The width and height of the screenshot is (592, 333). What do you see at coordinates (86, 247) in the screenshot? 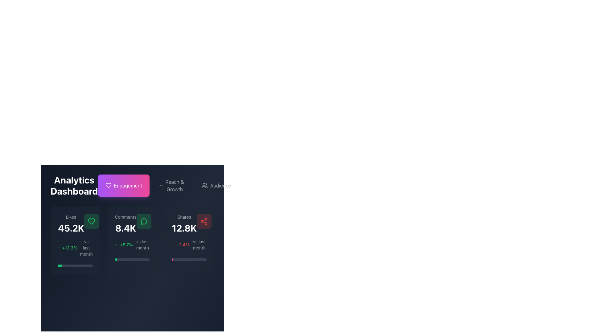
I see `the static text label that provides contextual information for the comparison timeframe ('last month') located below the '+12.3%' text in the bottom section of the 'Likes' data card on the Analytics Dashboard` at bounding box center [86, 247].